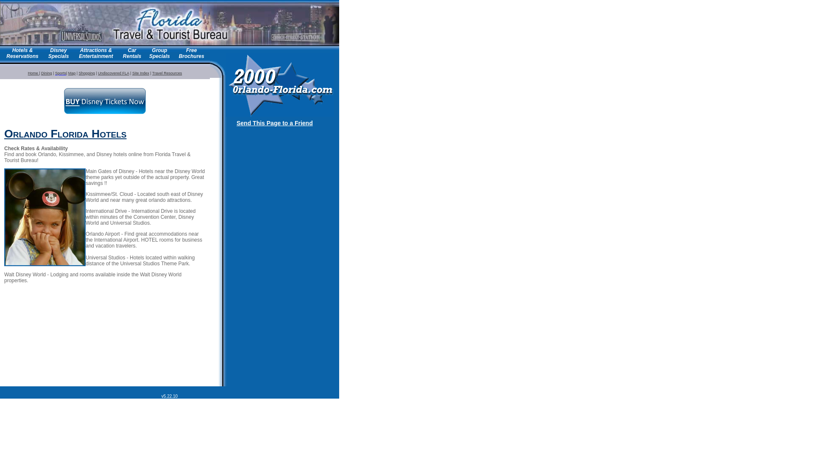  Describe the element at coordinates (96, 56) in the screenshot. I see `'Entertainment'` at that location.